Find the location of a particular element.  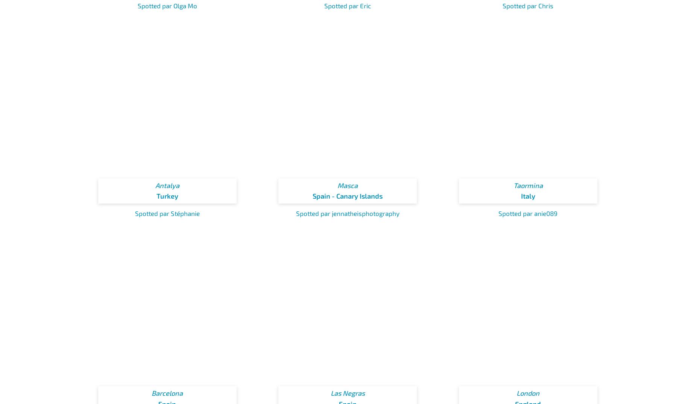

'Italy' is located at coordinates (520, 196).